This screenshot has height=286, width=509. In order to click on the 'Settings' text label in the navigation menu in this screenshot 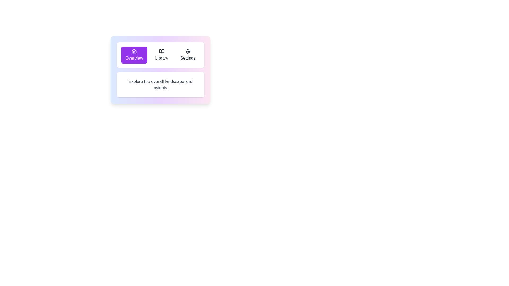, I will do `click(188, 58)`.